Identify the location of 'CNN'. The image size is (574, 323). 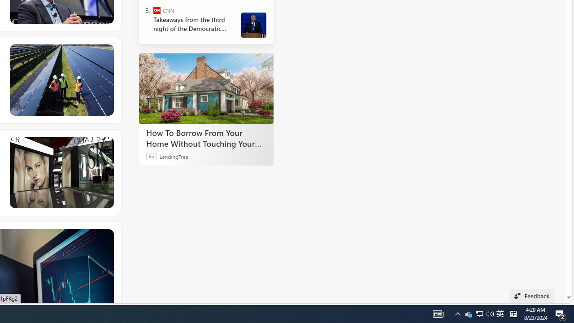
(157, 10).